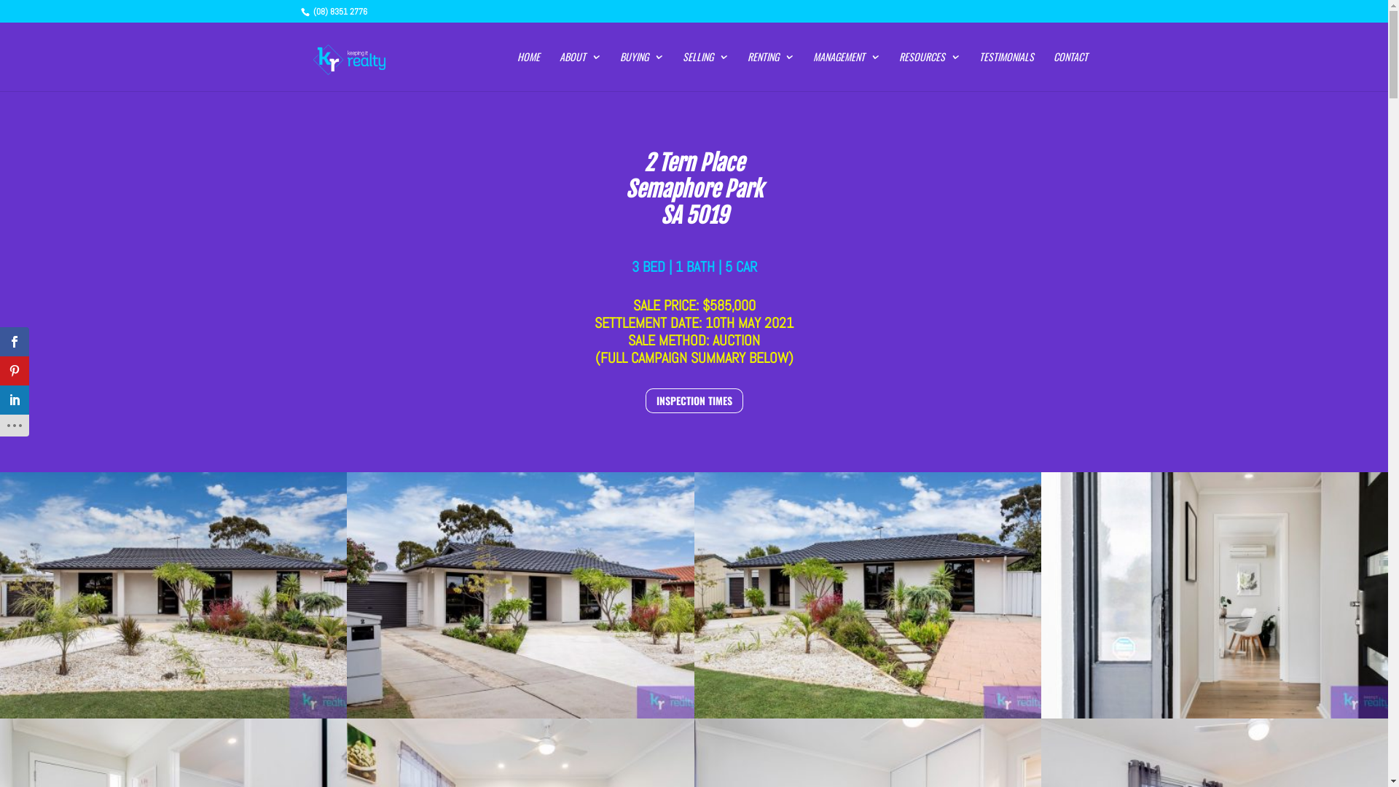 The height and width of the screenshot is (787, 1399). Describe the element at coordinates (528, 71) in the screenshot. I see `'HOME'` at that location.